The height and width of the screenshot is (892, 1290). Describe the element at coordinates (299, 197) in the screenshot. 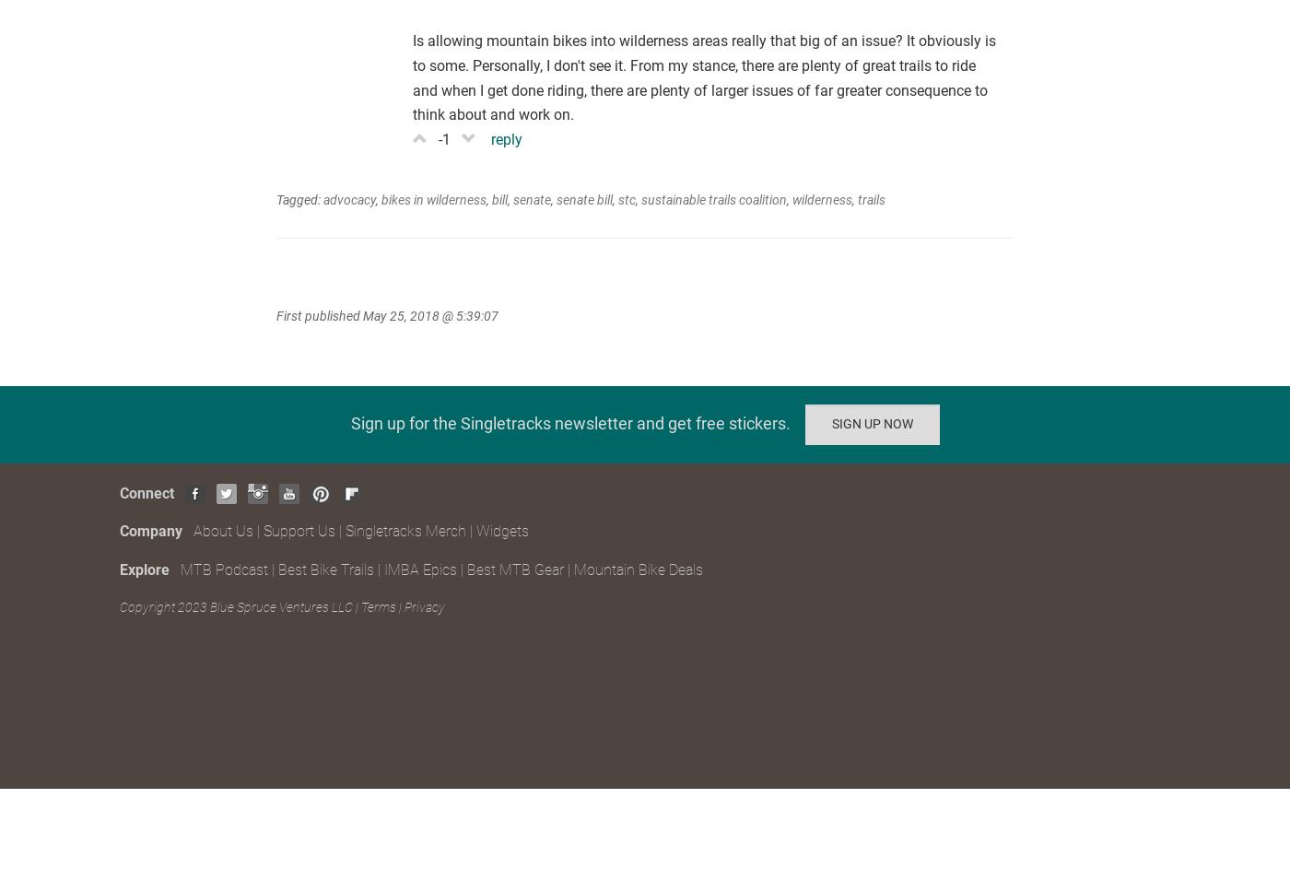

I see `'Tagged:'` at that location.